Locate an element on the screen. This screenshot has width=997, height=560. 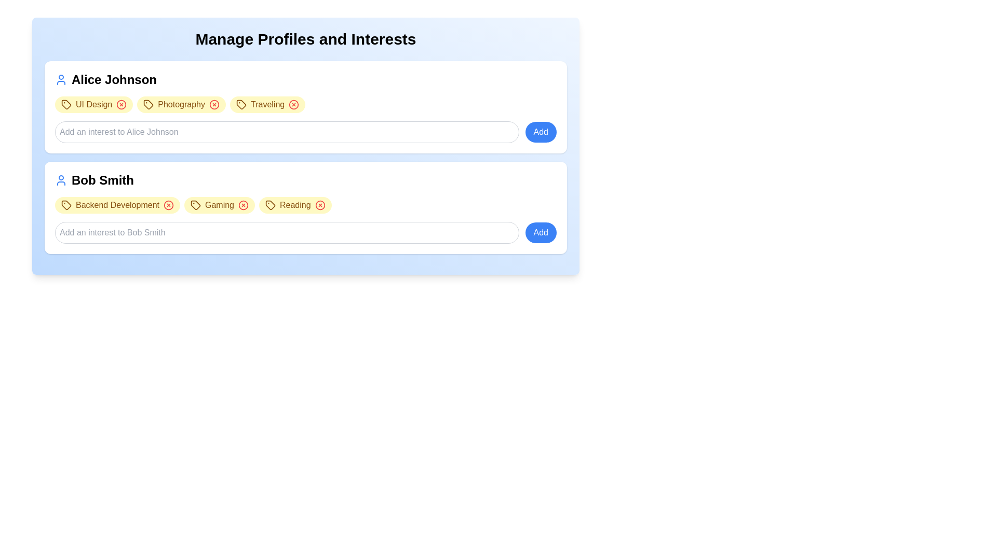
the submit button for adding an interest to Alice Johnson's profile, located at the right end of the input field labeled 'Add an interest to Alice Johnson' is located at coordinates (540, 131).